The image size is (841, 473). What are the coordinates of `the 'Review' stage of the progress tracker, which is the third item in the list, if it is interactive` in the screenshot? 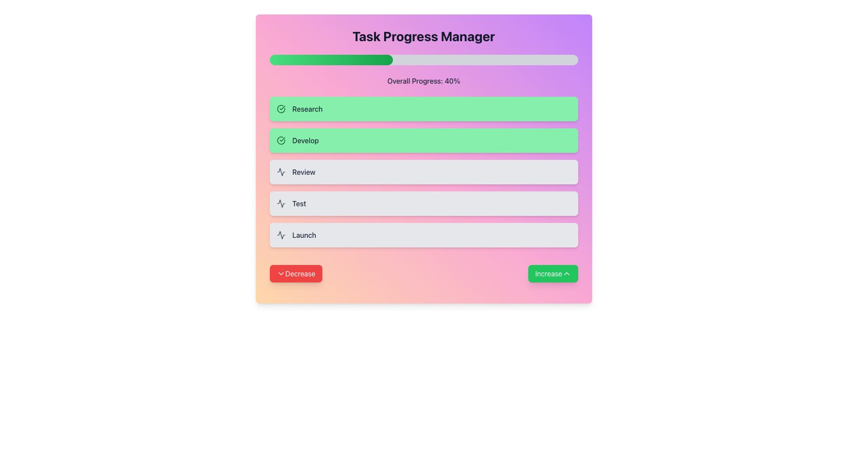 It's located at (424, 172).